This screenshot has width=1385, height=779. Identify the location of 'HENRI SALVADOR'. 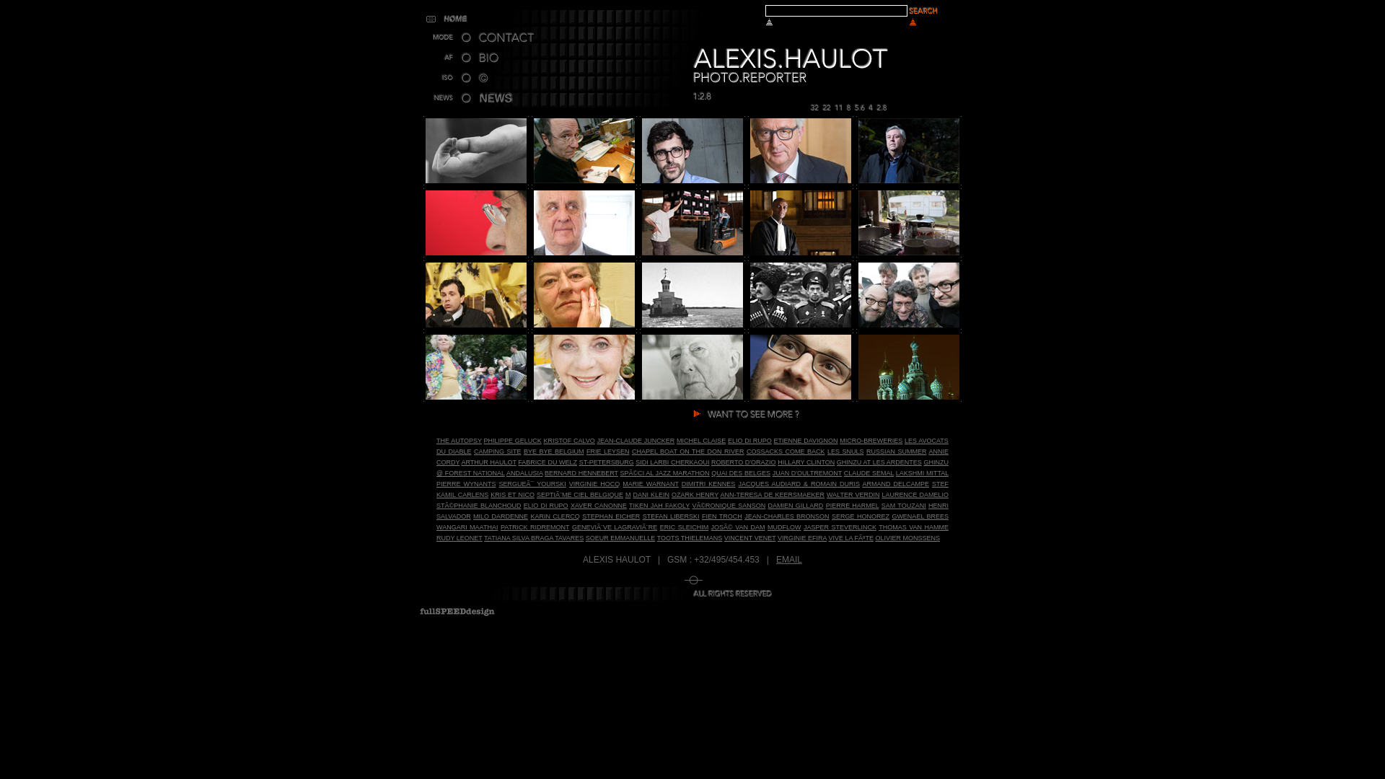
(692, 510).